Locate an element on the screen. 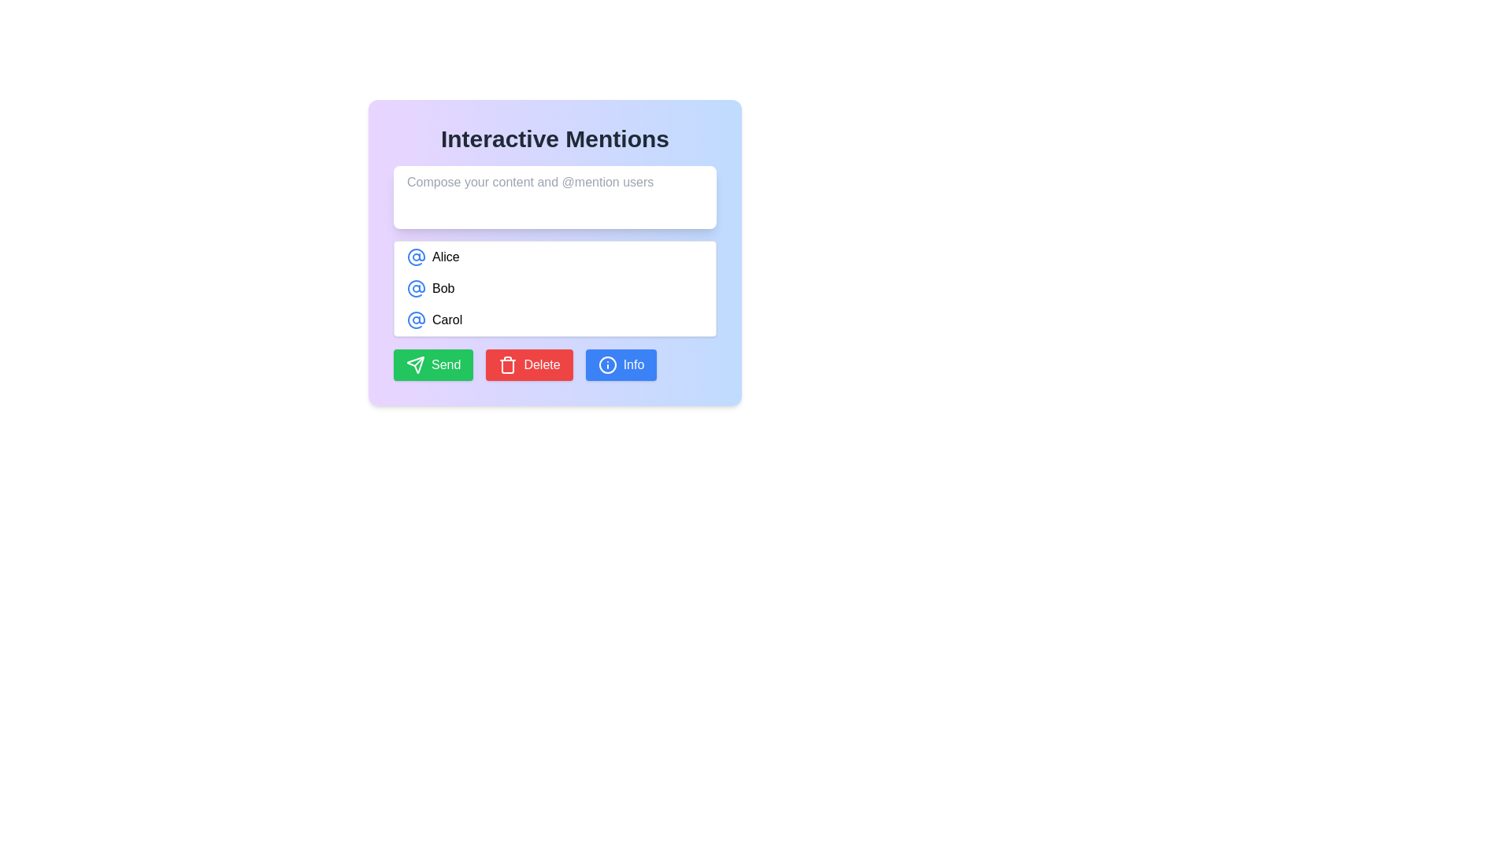 This screenshot has width=1512, height=850. the green button labeled 'Send', which is the first button in a row of action buttons below the user input section is located at coordinates (445, 364).